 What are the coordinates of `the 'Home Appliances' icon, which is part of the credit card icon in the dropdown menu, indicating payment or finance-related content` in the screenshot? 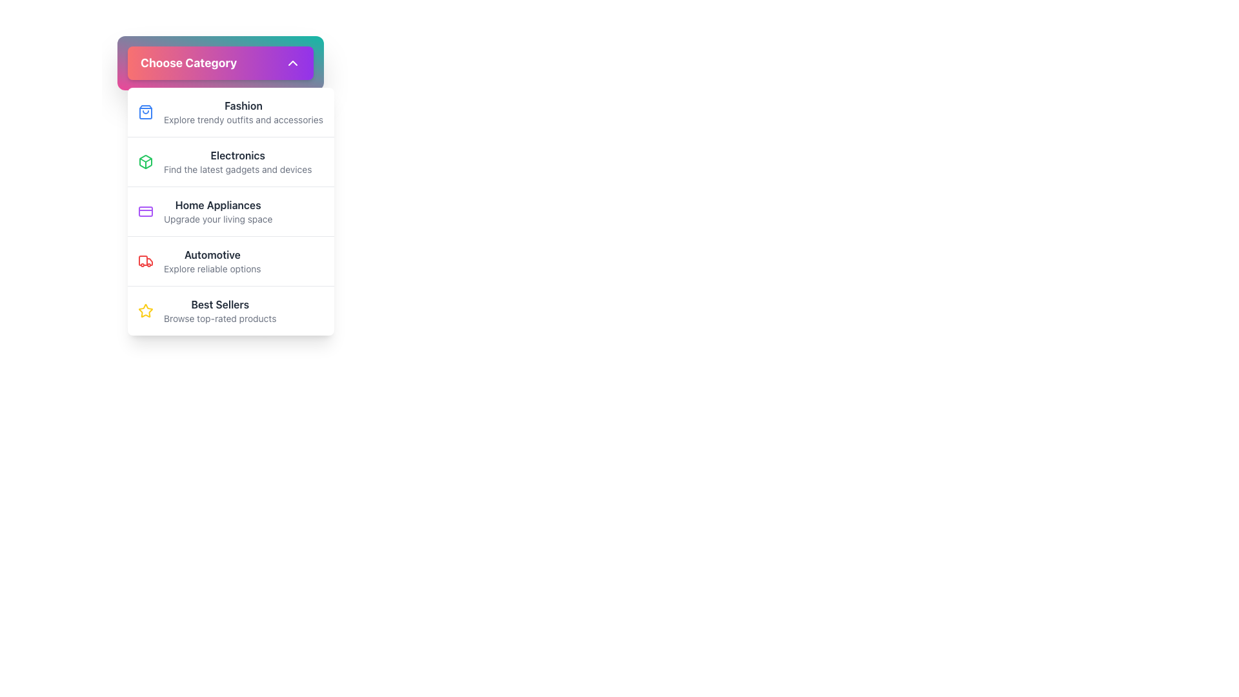 It's located at (145, 210).